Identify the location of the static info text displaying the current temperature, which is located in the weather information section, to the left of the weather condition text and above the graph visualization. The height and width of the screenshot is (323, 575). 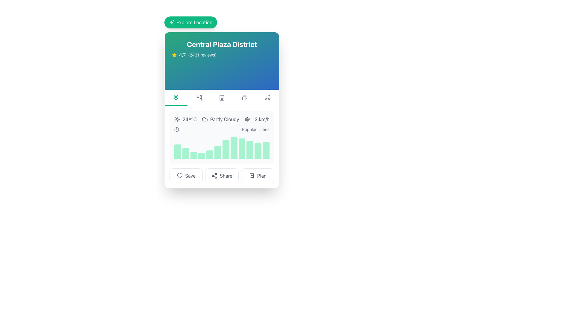
(189, 119).